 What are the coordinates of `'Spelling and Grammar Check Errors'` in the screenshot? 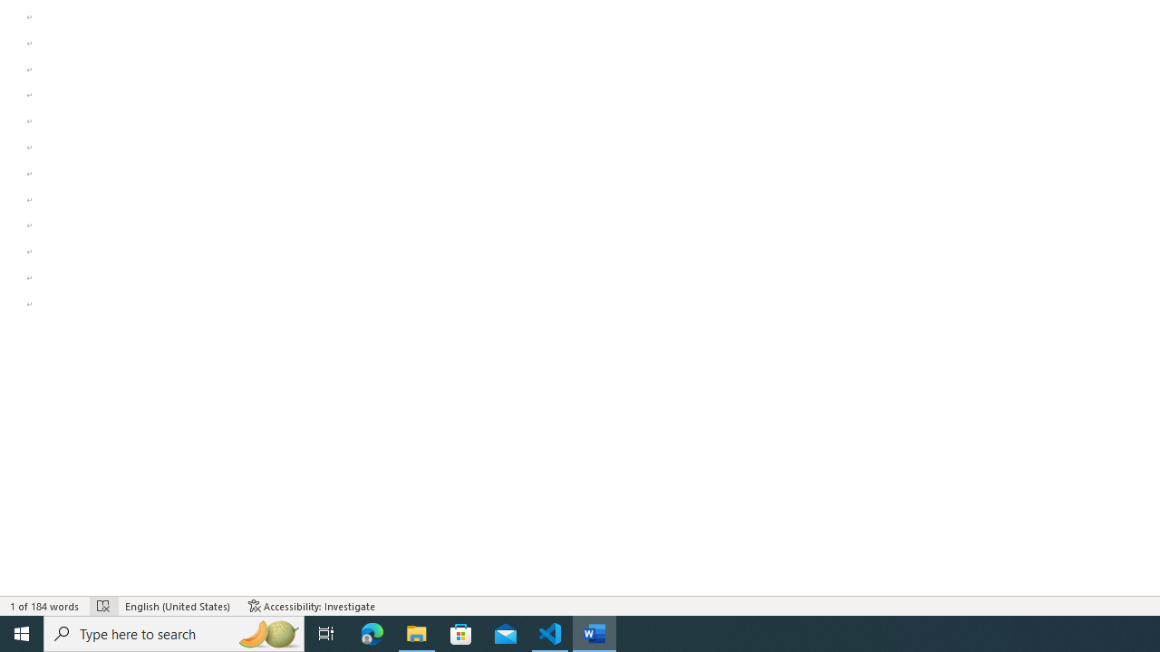 It's located at (102, 606).